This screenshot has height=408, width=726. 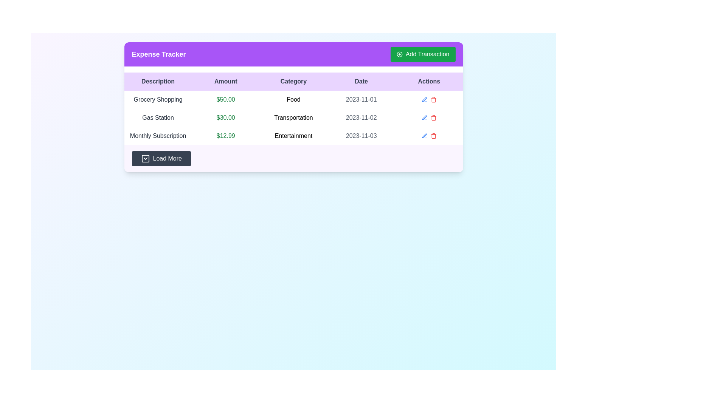 What do you see at coordinates (293, 99) in the screenshot?
I see `the static text element labeled 'Food' in the first row of the records table, which is positioned between the 'Amount' and 'Date' columns` at bounding box center [293, 99].